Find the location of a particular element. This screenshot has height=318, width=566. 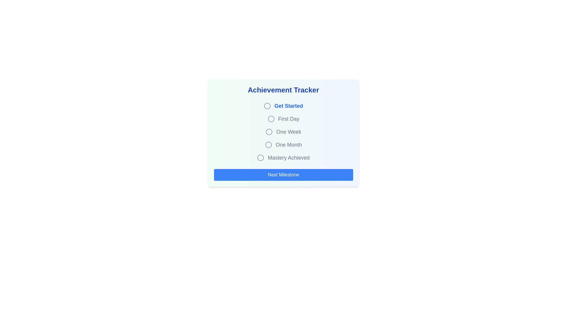

the radio button for the 'Mastery Achieved' milestone in the 'Achievement Tracker' section is located at coordinates (260, 158).